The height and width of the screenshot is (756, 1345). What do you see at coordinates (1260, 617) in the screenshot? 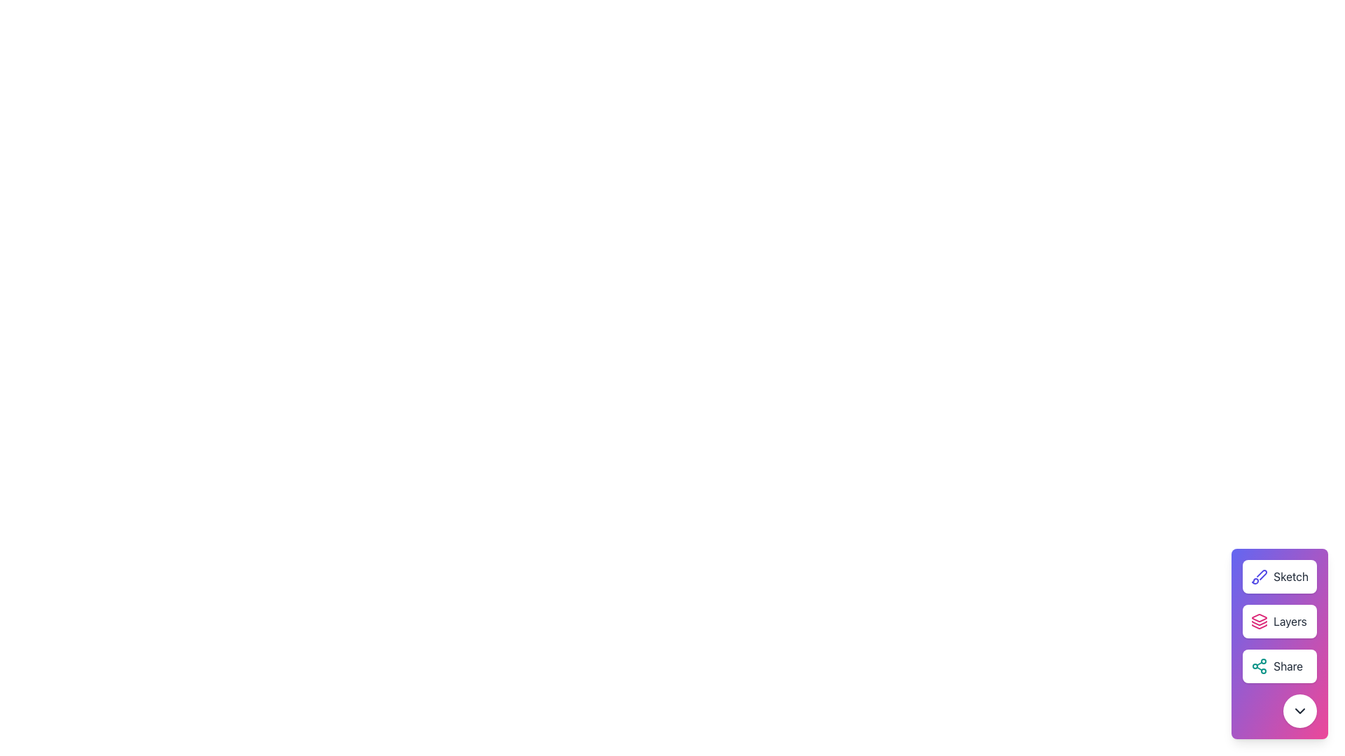
I see `the topmost icon representing layers in the 'Layers' button group on the right side of the interface` at bounding box center [1260, 617].